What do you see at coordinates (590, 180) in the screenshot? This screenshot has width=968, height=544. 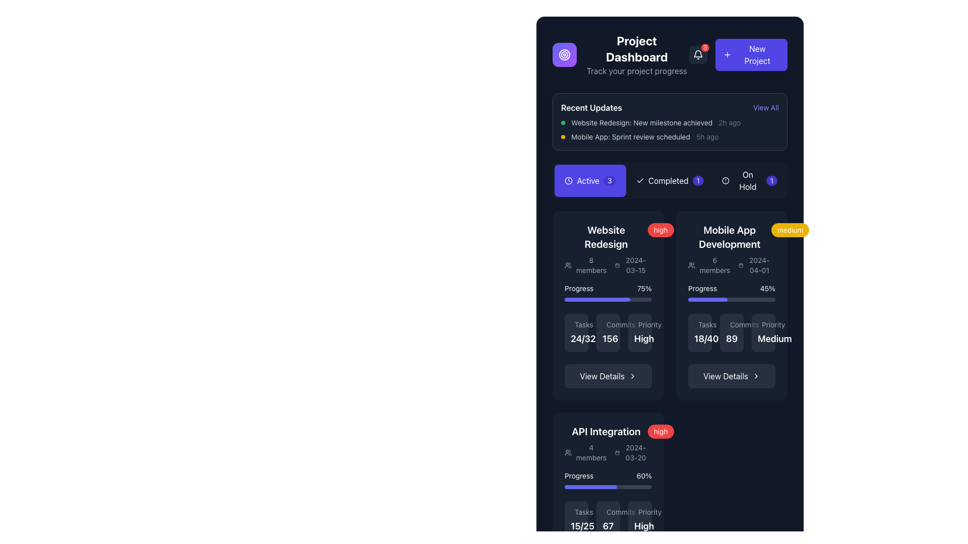 I see `the blue rectangular button labeled 'Active' with a clock icon and a badge showing '3'` at bounding box center [590, 180].